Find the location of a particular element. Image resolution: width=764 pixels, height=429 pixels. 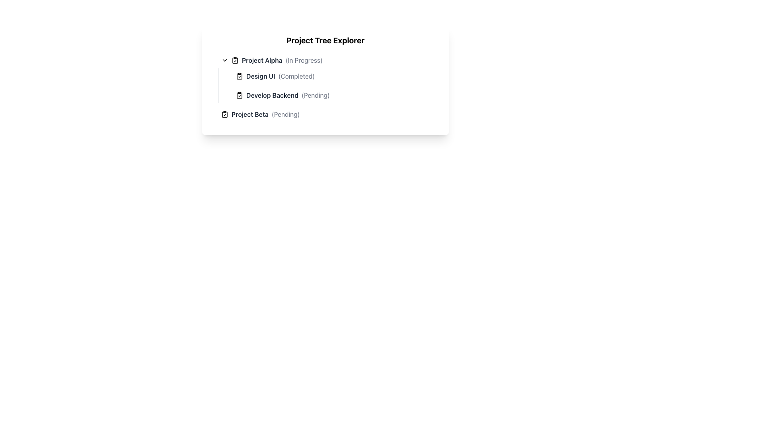

the small clipboard-shaped icon located next to the text 'Project Beta (Pending)' in the 'Project Tree Explorer' is located at coordinates (224, 114).